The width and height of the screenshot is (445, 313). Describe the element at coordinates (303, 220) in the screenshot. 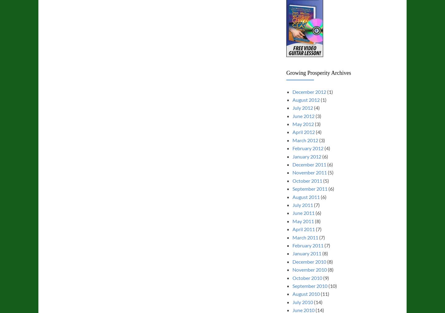

I see `'May 2011'` at that location.